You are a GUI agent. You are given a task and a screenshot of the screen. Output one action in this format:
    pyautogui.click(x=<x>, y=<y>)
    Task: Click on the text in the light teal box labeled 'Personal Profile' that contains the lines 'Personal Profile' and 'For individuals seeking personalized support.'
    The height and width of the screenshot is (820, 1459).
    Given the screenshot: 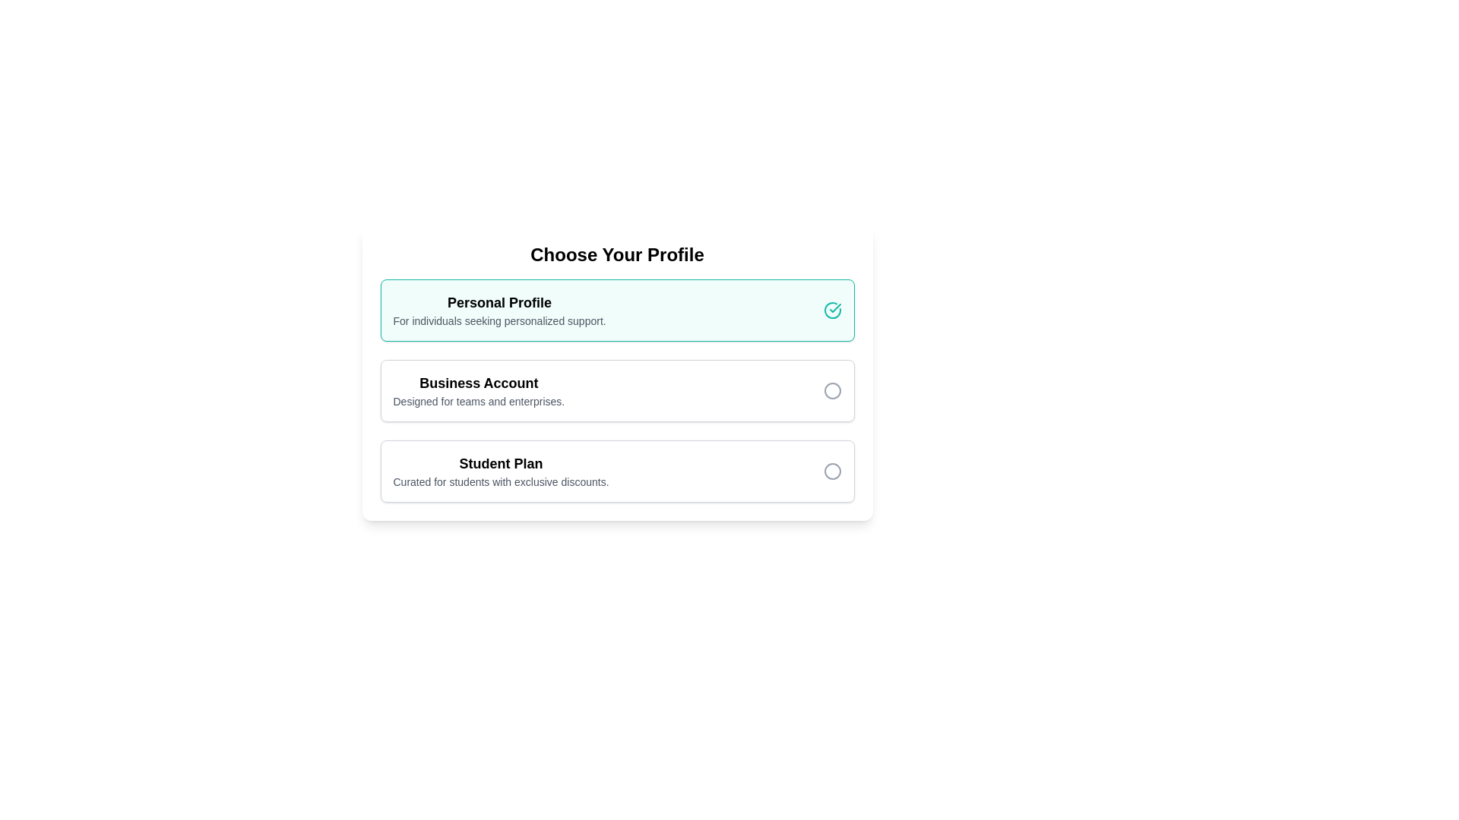 What is the action you would take?
    pyautogui.click(x=499, y=309)
    